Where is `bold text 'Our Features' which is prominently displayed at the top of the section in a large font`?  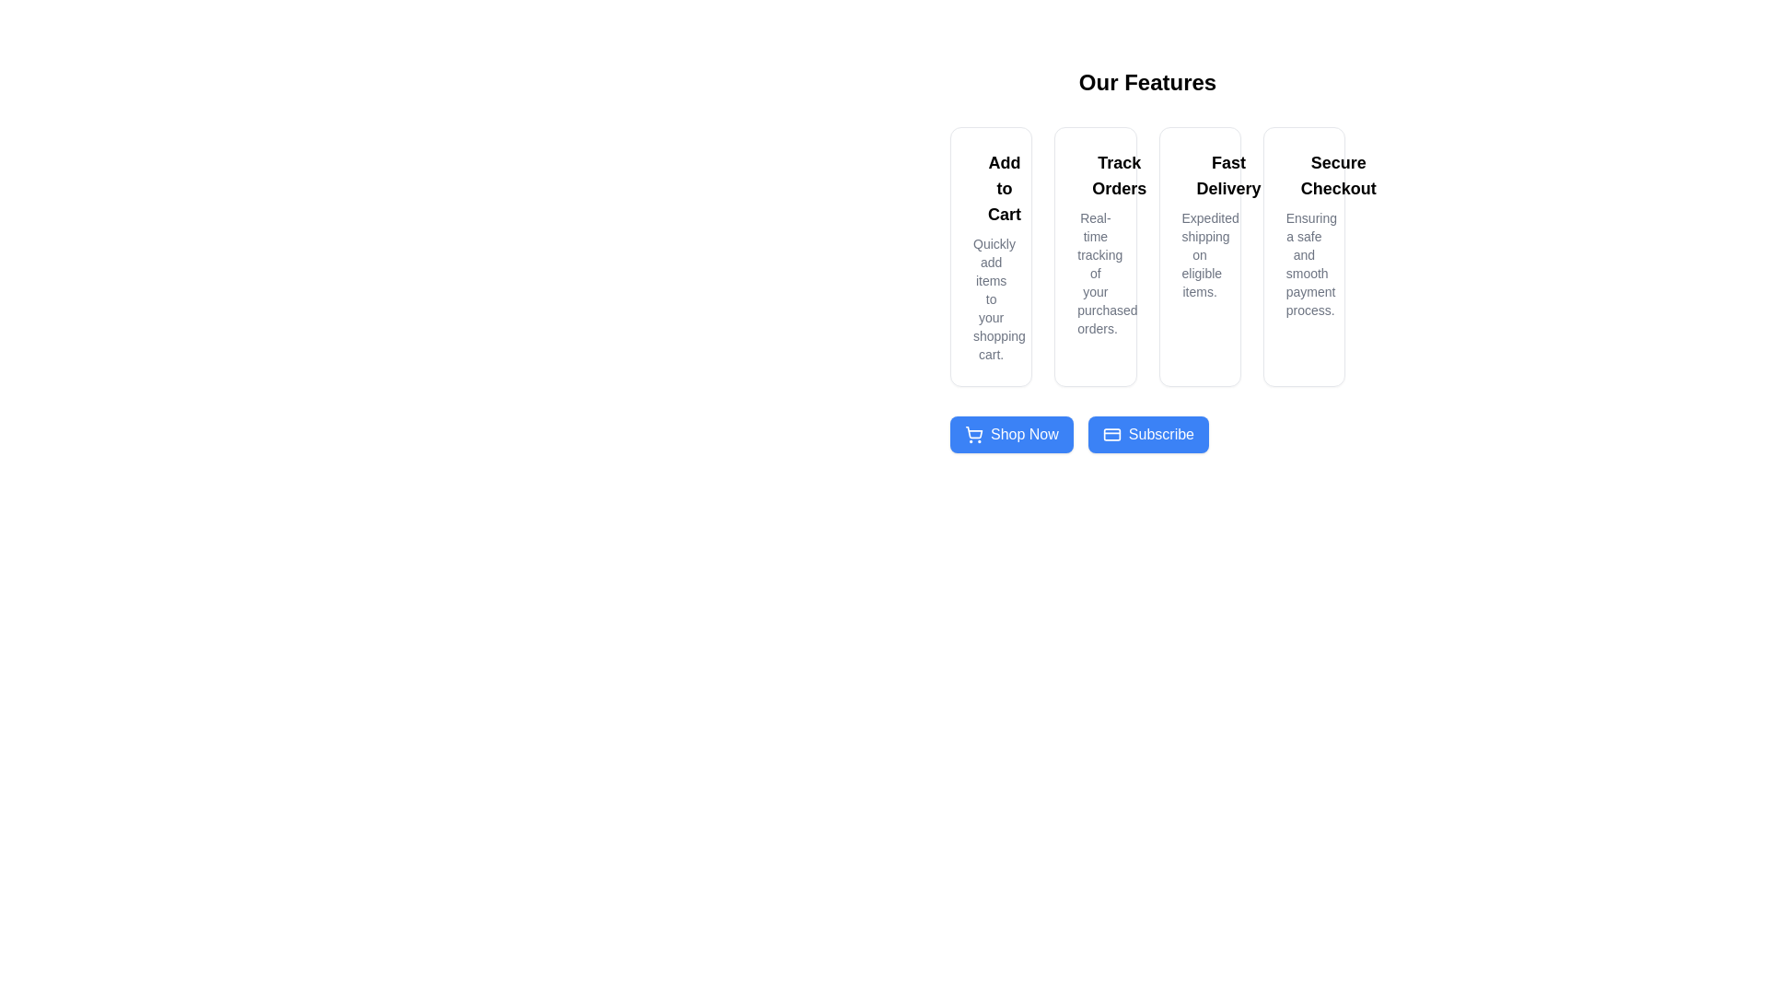 bold text 'Our Features' which is prominently displayed at the top of the section in a large font is located at coordinates (1146, 81).